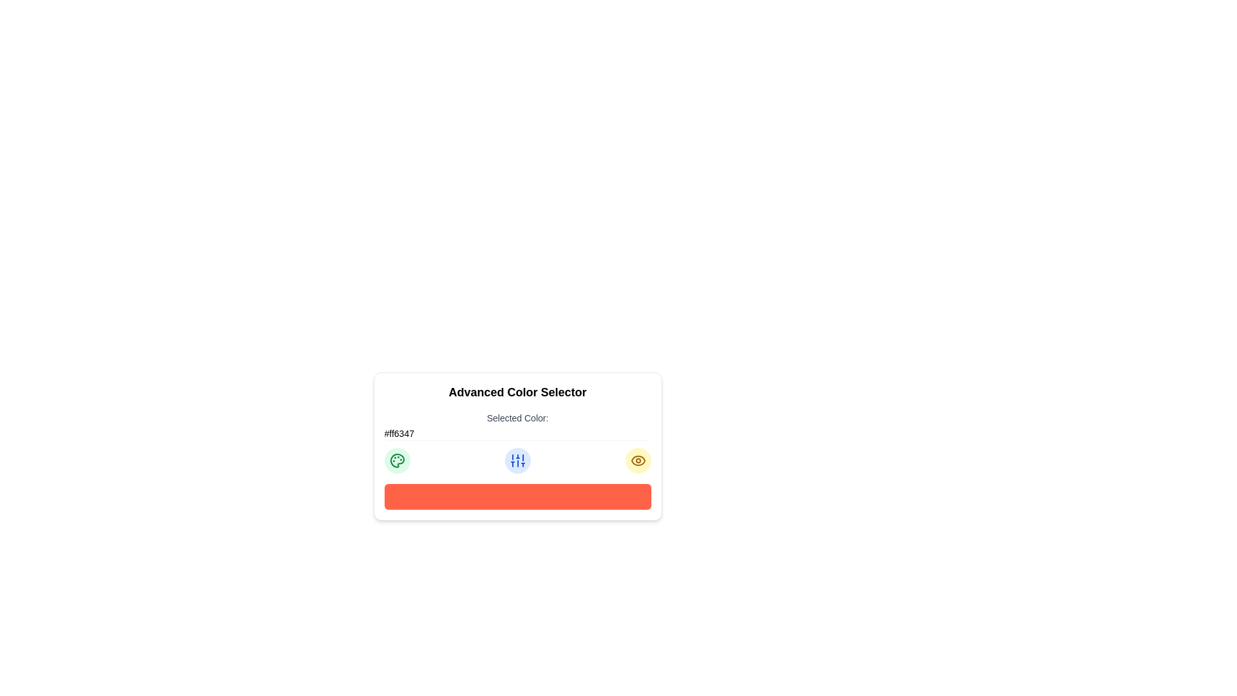 The width and height of the screenshot is (1237, 696). I want to click on the label that reads 'Selected Color:', styled in medium-sized sans-serif font and gray color, located at the top of the form section, so click(517, 418).